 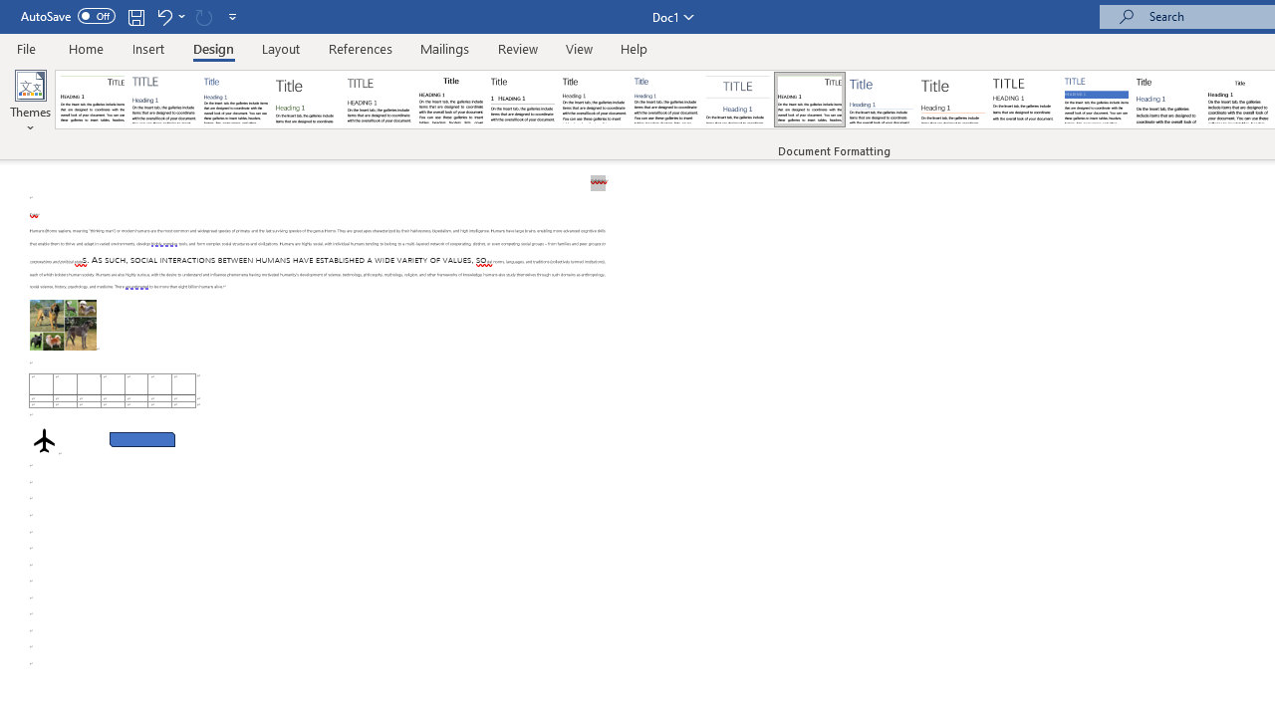 I want to click on 'Lines (Stylish)', so click(x=952, y=100).